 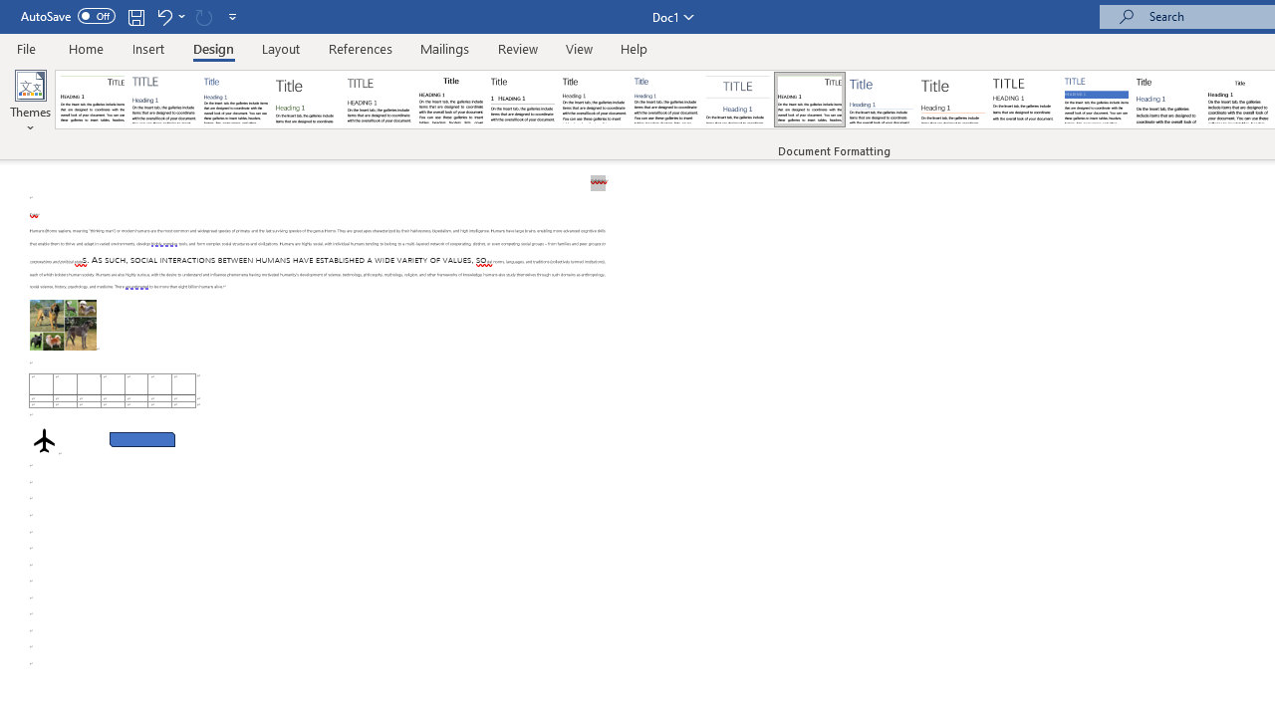 I want to click on 'Lines (Stylish)', so click(x=952, y=100).